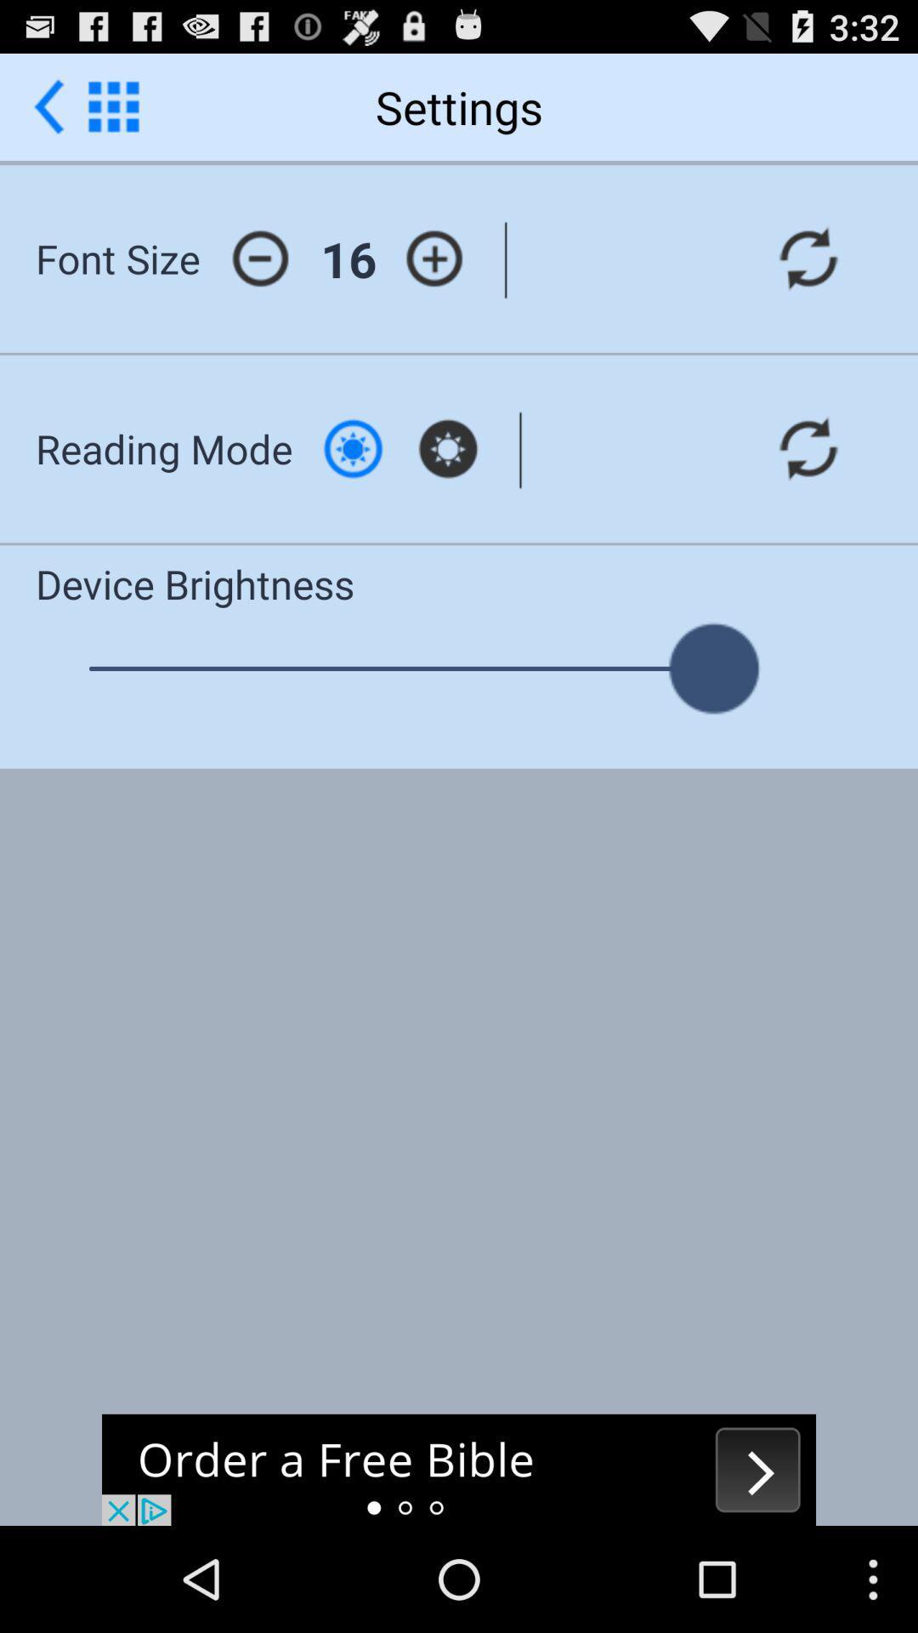 This screenshot has height=1633, width=918. Describe the element at coordinates (352, 448) in the screenshot. I see `britness adjustment option` at that location.